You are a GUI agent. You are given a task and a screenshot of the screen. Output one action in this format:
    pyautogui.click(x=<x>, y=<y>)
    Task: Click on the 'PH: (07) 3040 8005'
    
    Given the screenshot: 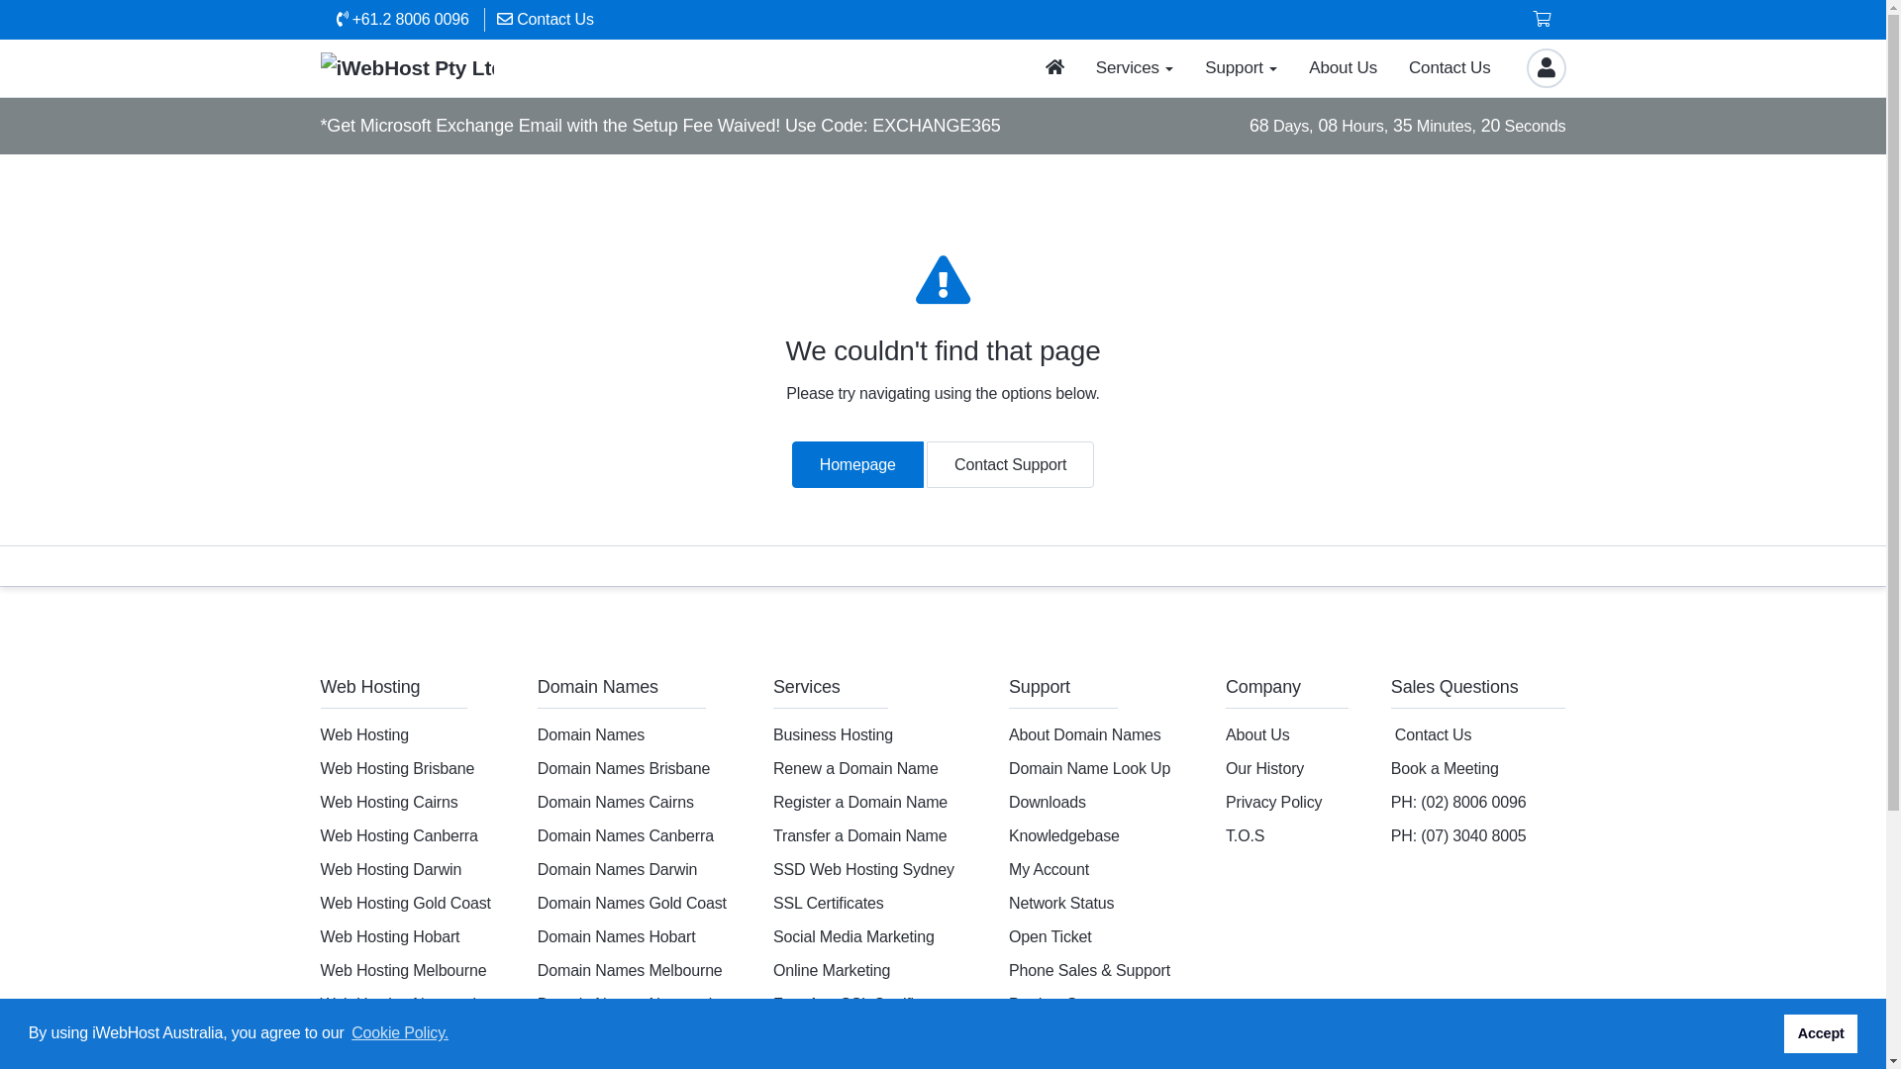 What is the action you would take?
    pyautogui.click(x=1458, y=835)
    